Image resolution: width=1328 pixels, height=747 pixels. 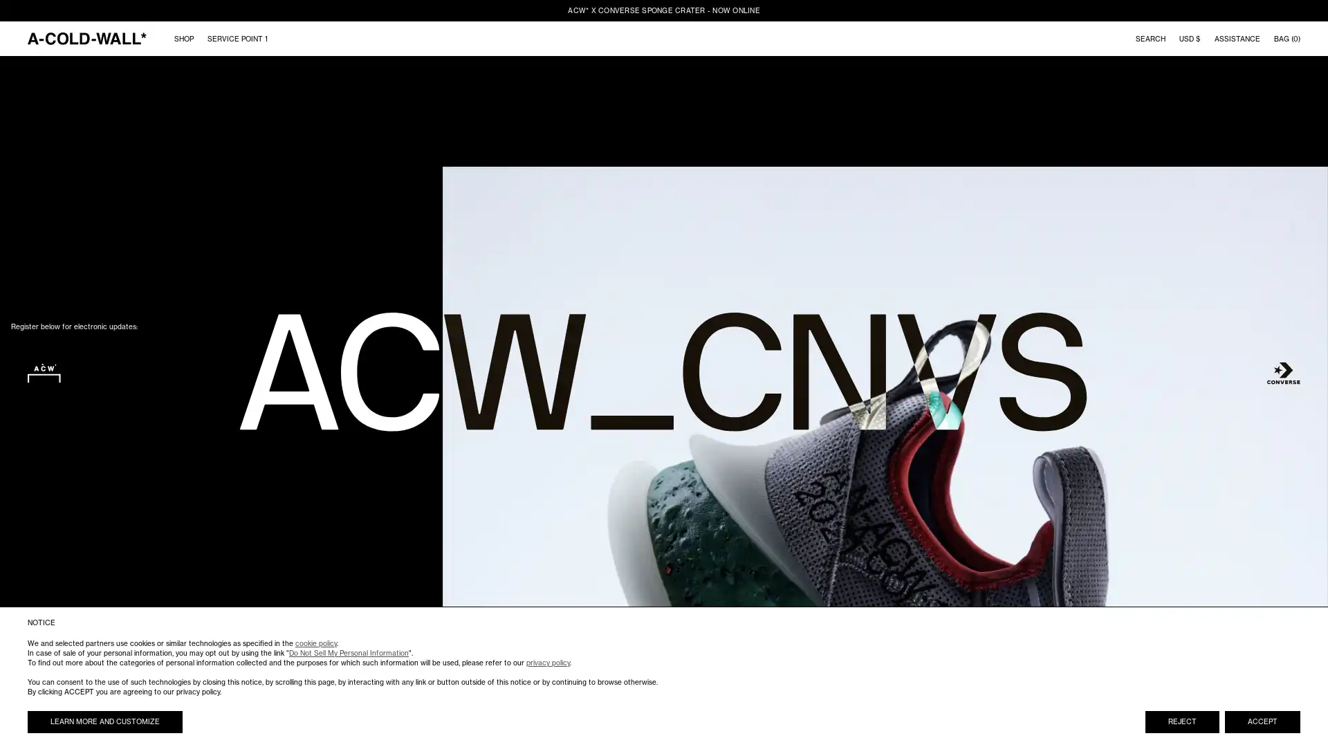 I want to click on REJECT, so click(x=1181, y=721).